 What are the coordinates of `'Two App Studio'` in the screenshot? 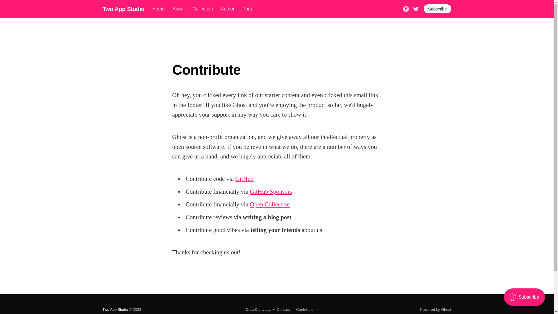 It's located at (115, 309).